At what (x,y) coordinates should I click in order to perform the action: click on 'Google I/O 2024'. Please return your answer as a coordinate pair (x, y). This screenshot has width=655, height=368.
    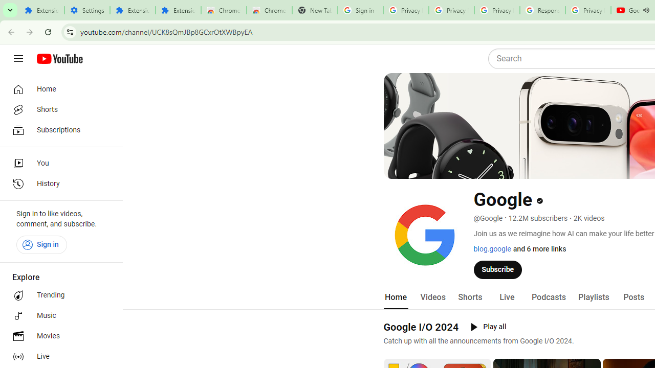
    Looking at the image, I should click on (421, 327).